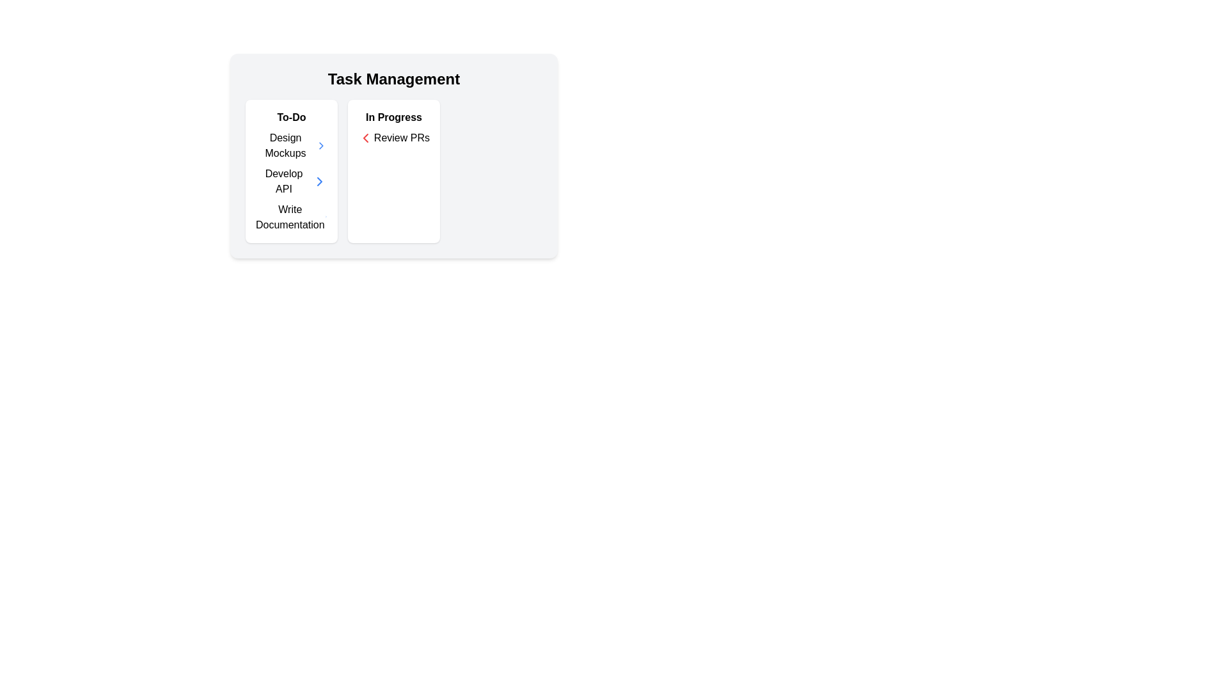 Image resolution: width=1228 pixels, height=691 pixels. I want to click on the 'To-Do' text label that serves as the header for the task management interface, indicating the section for tasks to be completed, so click(291, 118).